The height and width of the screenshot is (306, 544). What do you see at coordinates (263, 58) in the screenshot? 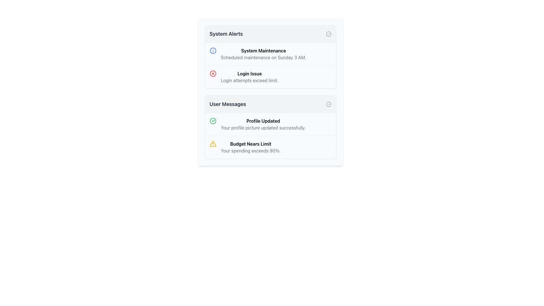
I see `the static text element that provides information about the scheduled maintenance event, located below the 'System Maintenance' heading in the 'System Alerts' section` at bounding box center [263, 58].